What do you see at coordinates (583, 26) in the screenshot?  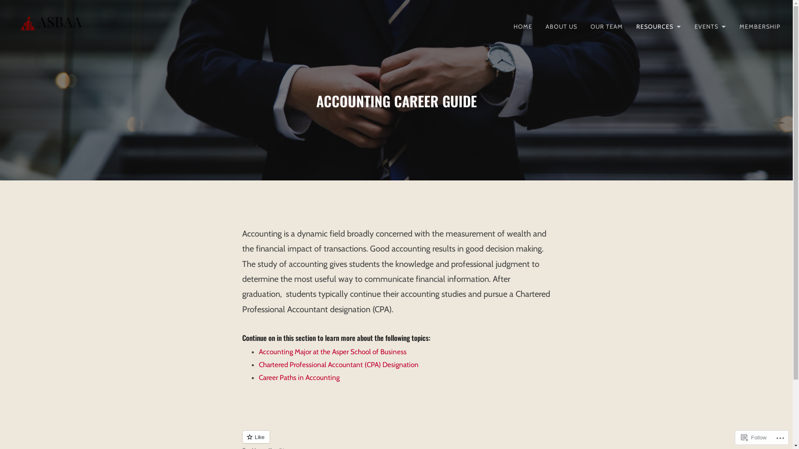 I see `'OUR TEAM'` at bounding box center [583, 26].